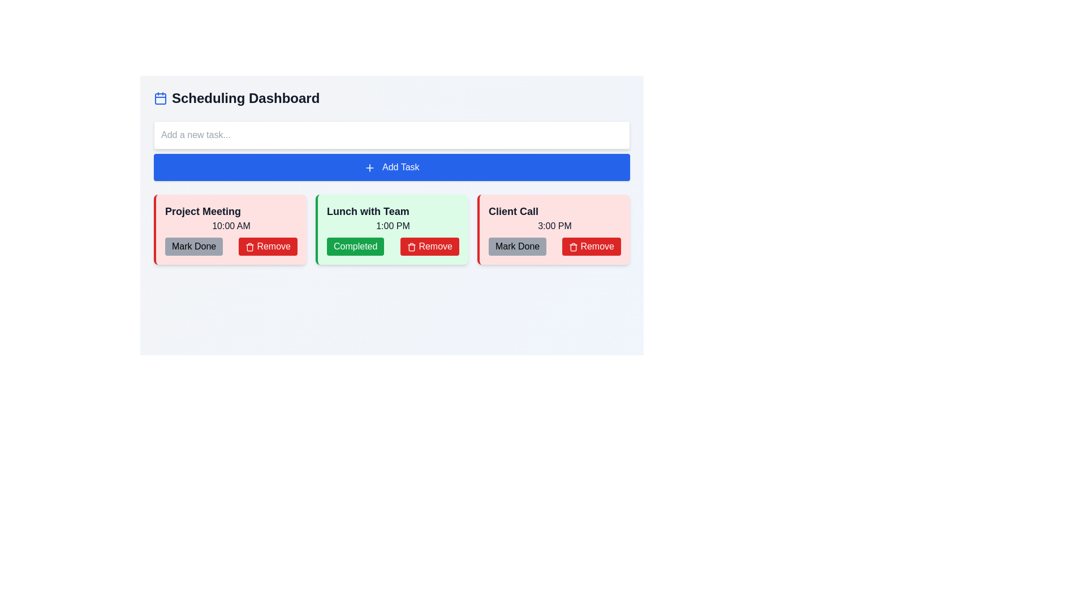 The width and height of the screenshot is (1086, 611). What do you see at coordinates (554, 226) in the screenshot?
I see `the text label displaying '3:00 PM' in bold black font on a light red background, located centrally below the 'Client Call' title within the client call task card` at bounding box center [554, 226].